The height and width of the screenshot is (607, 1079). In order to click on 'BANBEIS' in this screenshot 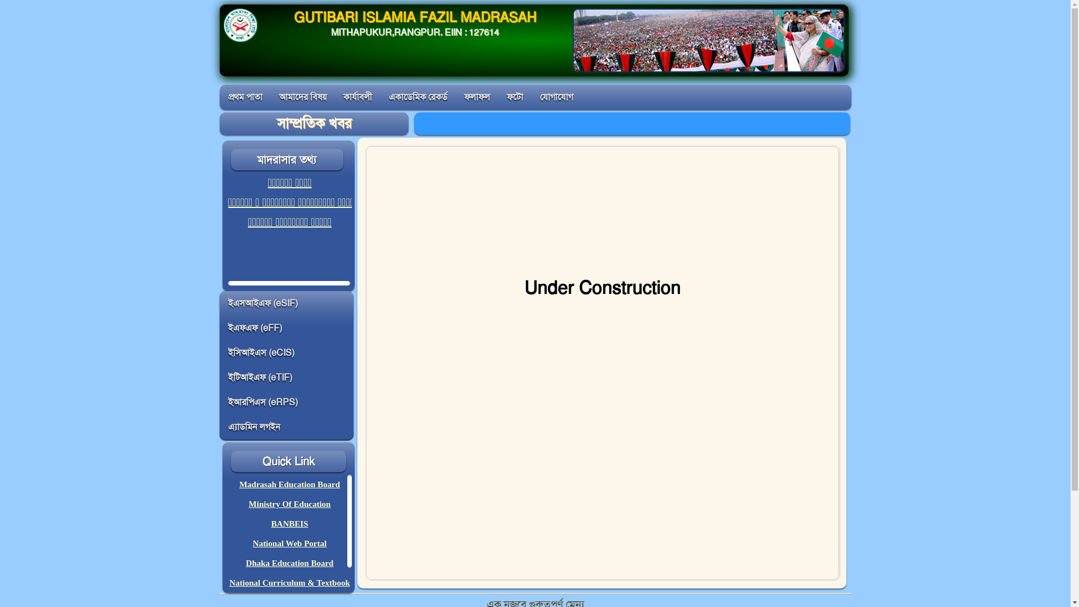, I will do `click(290, 524)`.